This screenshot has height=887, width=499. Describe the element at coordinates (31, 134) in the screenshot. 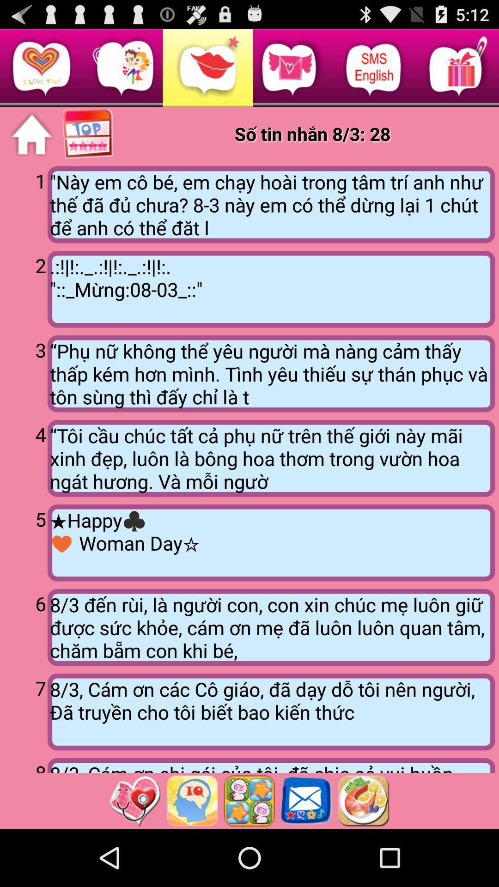

I see `go home button` at that location.